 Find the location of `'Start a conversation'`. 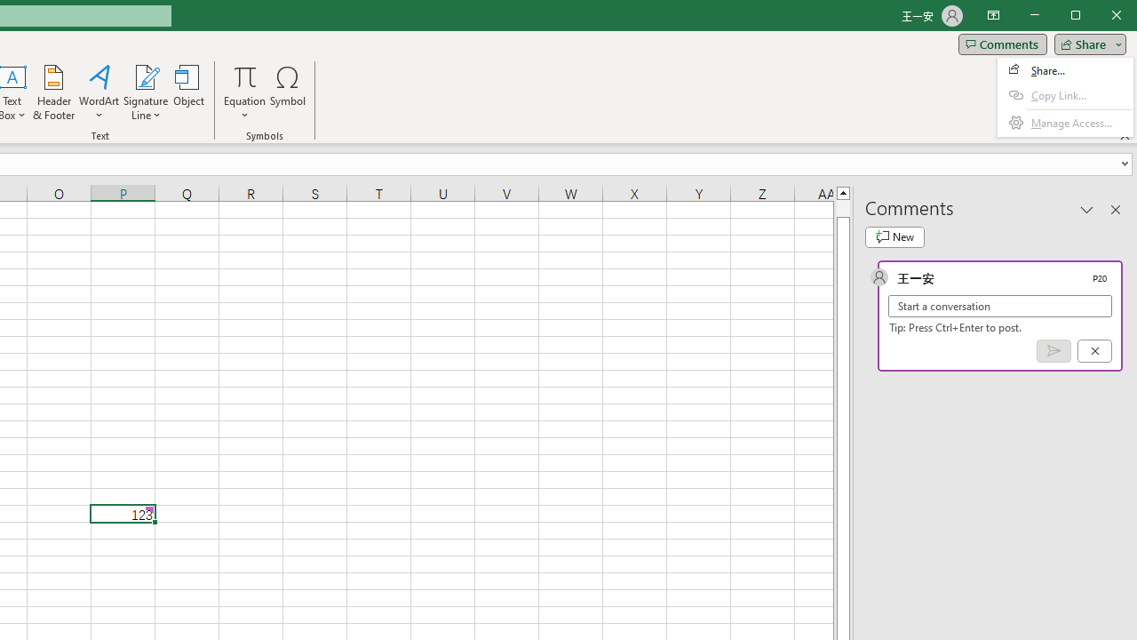

'Start a conversation' is located at coordinates (1000, 305).